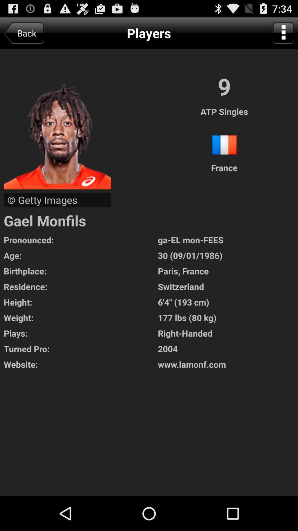 This screenshot has height=531, width=298. I want to click on the icon above the website: icon, so click(228, 348).